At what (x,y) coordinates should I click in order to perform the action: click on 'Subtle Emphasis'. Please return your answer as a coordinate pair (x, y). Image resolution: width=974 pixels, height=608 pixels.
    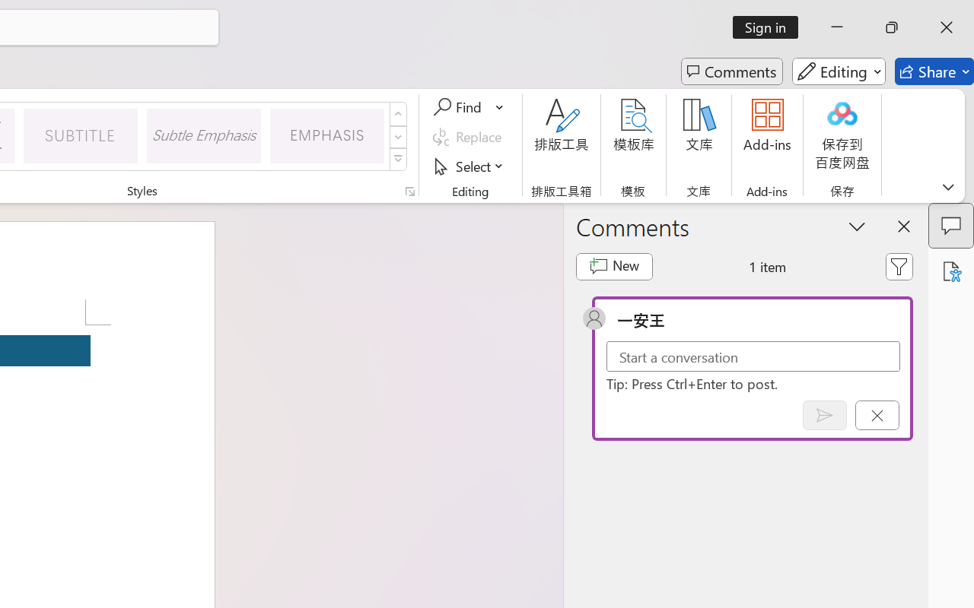
    Looking at the image, I should click on (203, 135).